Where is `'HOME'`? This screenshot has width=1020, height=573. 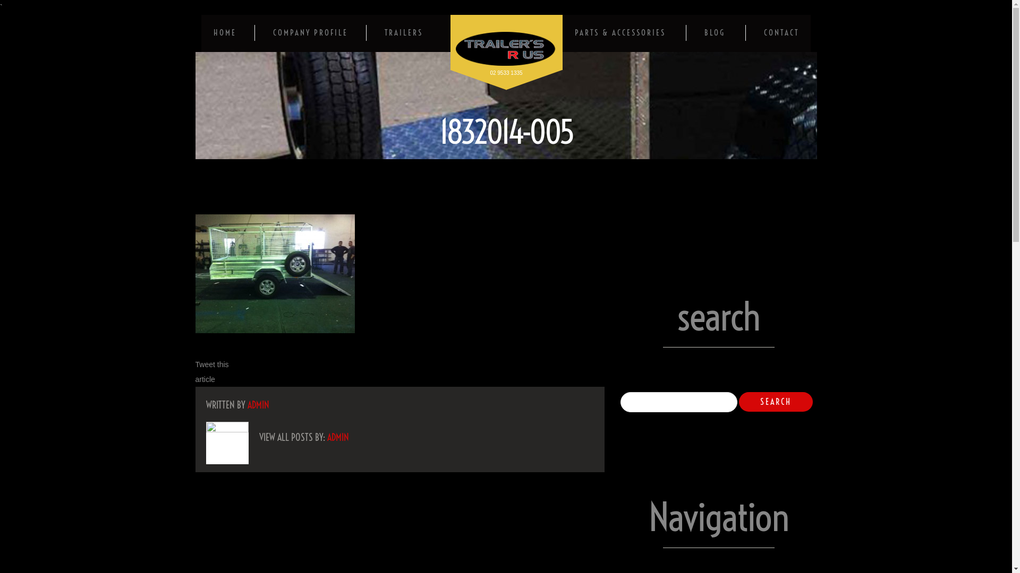
'HOME' is located at coordinates (224, 32).